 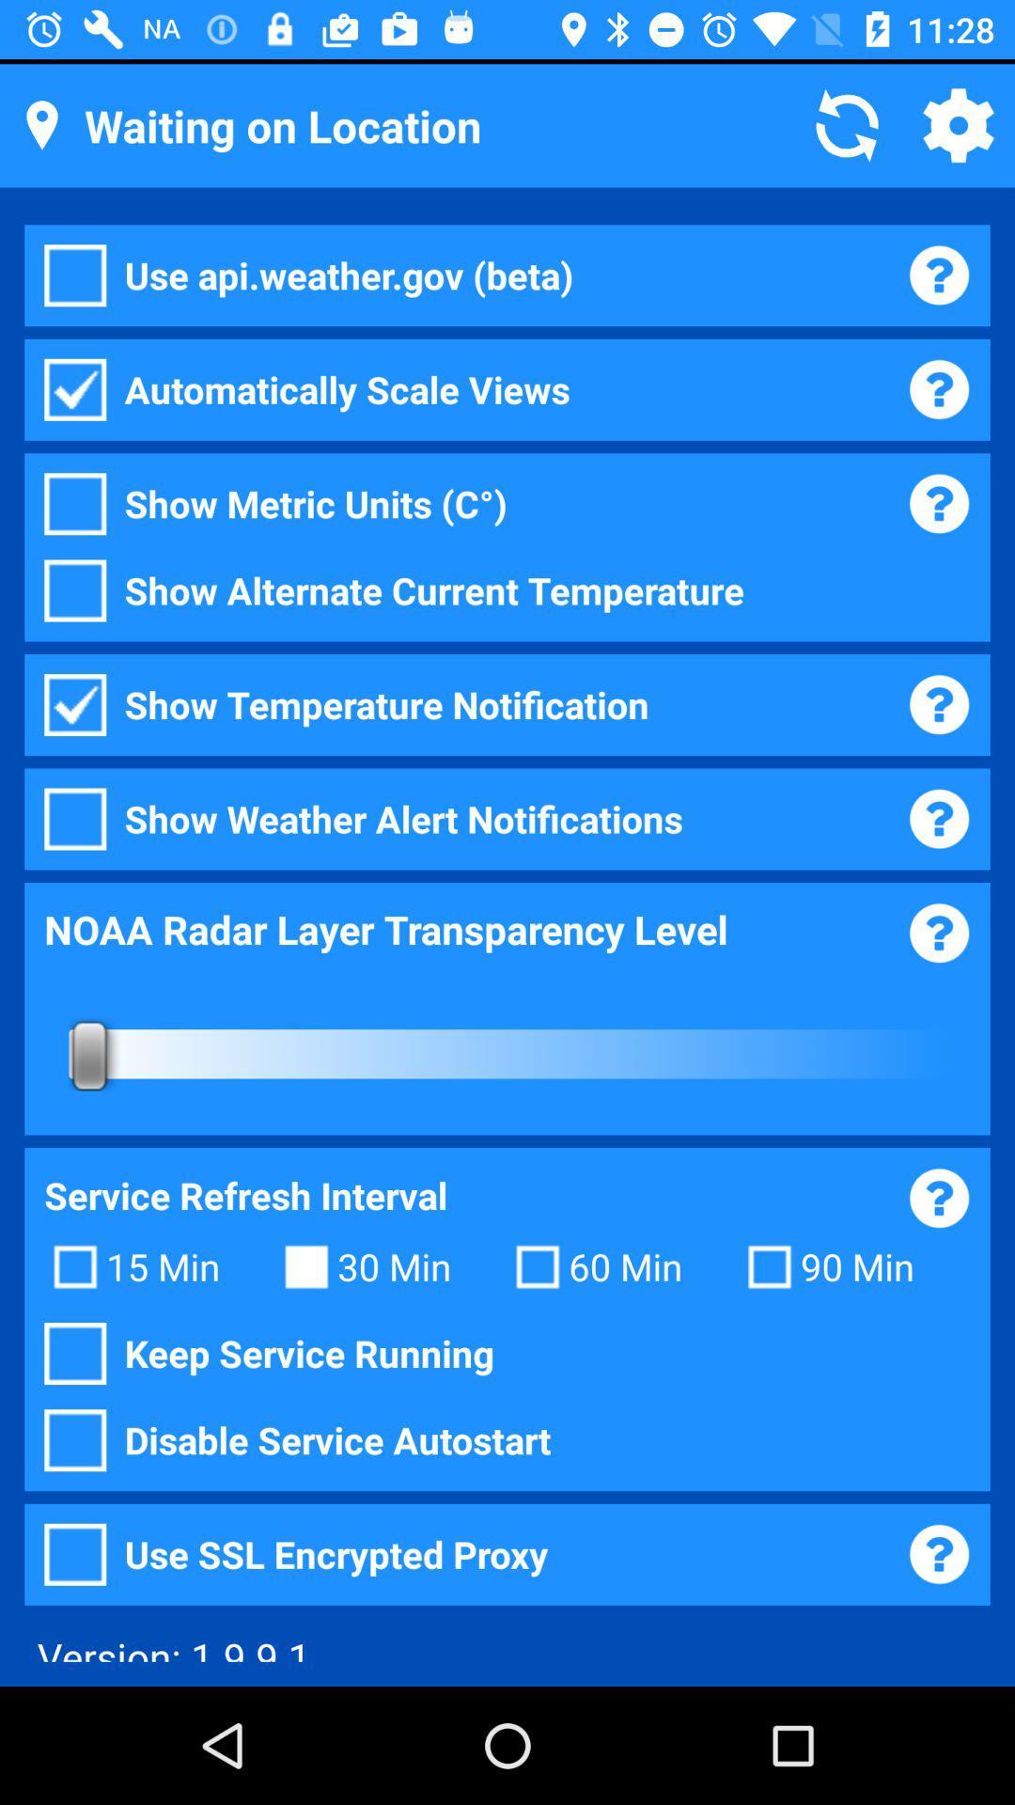 What do you see at coordinates (939, 1554) in the screenshot?
I see `the help icon` at bounding box center [939, 1554].